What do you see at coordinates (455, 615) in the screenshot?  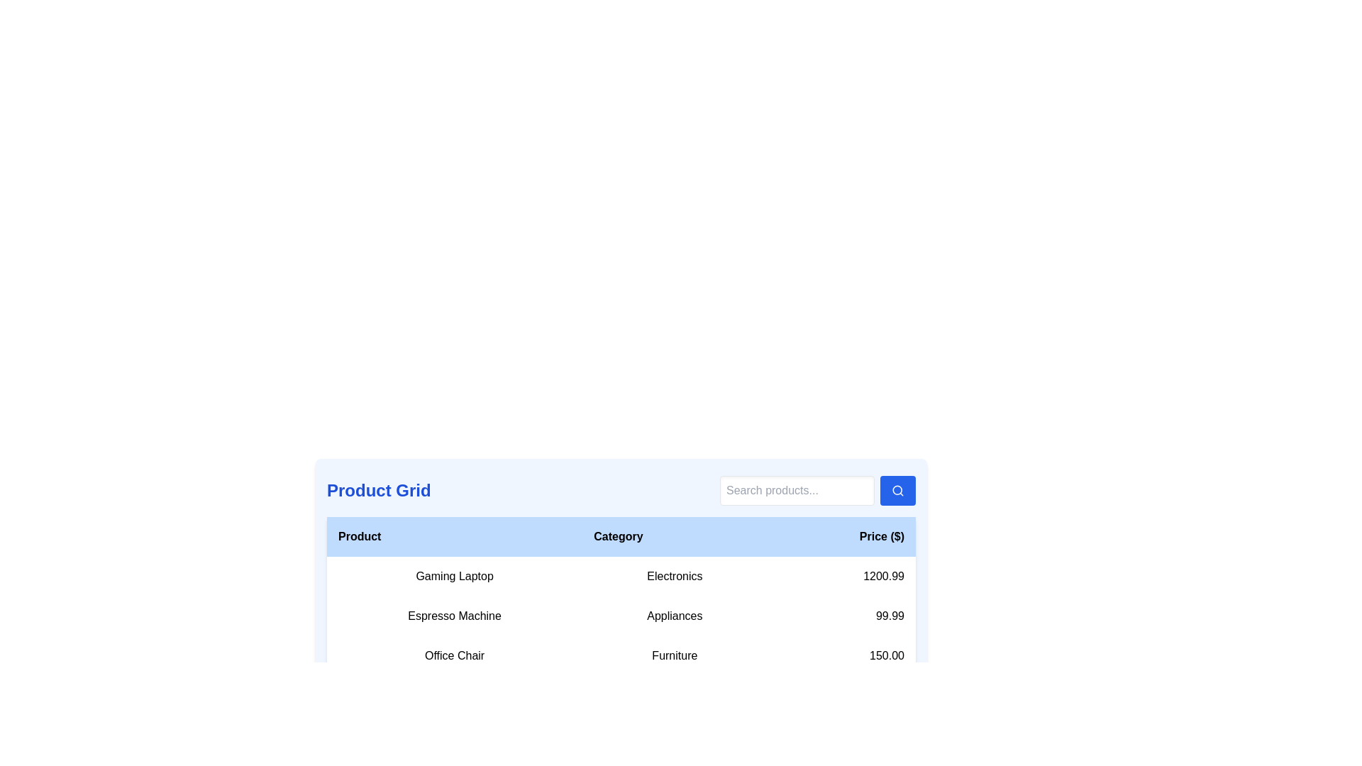 I see `the 'Espresso Machine' text label, which is displayed in a bold font and is located in the second row of the first column under the 'Product' header in the product list grid layout` at bounding box center [455, 615].